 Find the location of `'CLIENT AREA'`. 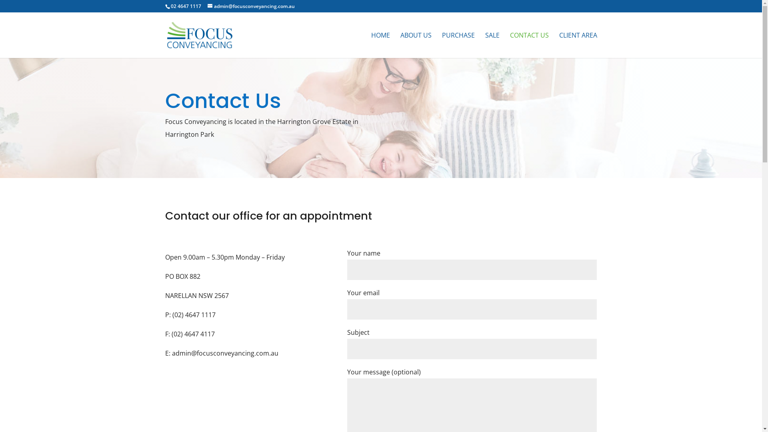

'CLIENT AREA' is located at coordinates (558, 45).